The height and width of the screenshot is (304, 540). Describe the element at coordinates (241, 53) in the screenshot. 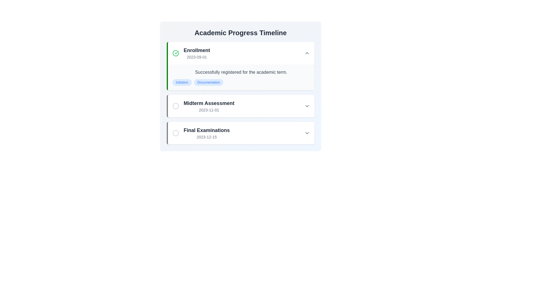

I see `the button-like element representing the 'Enrollment' phase of the academic process` at that location.